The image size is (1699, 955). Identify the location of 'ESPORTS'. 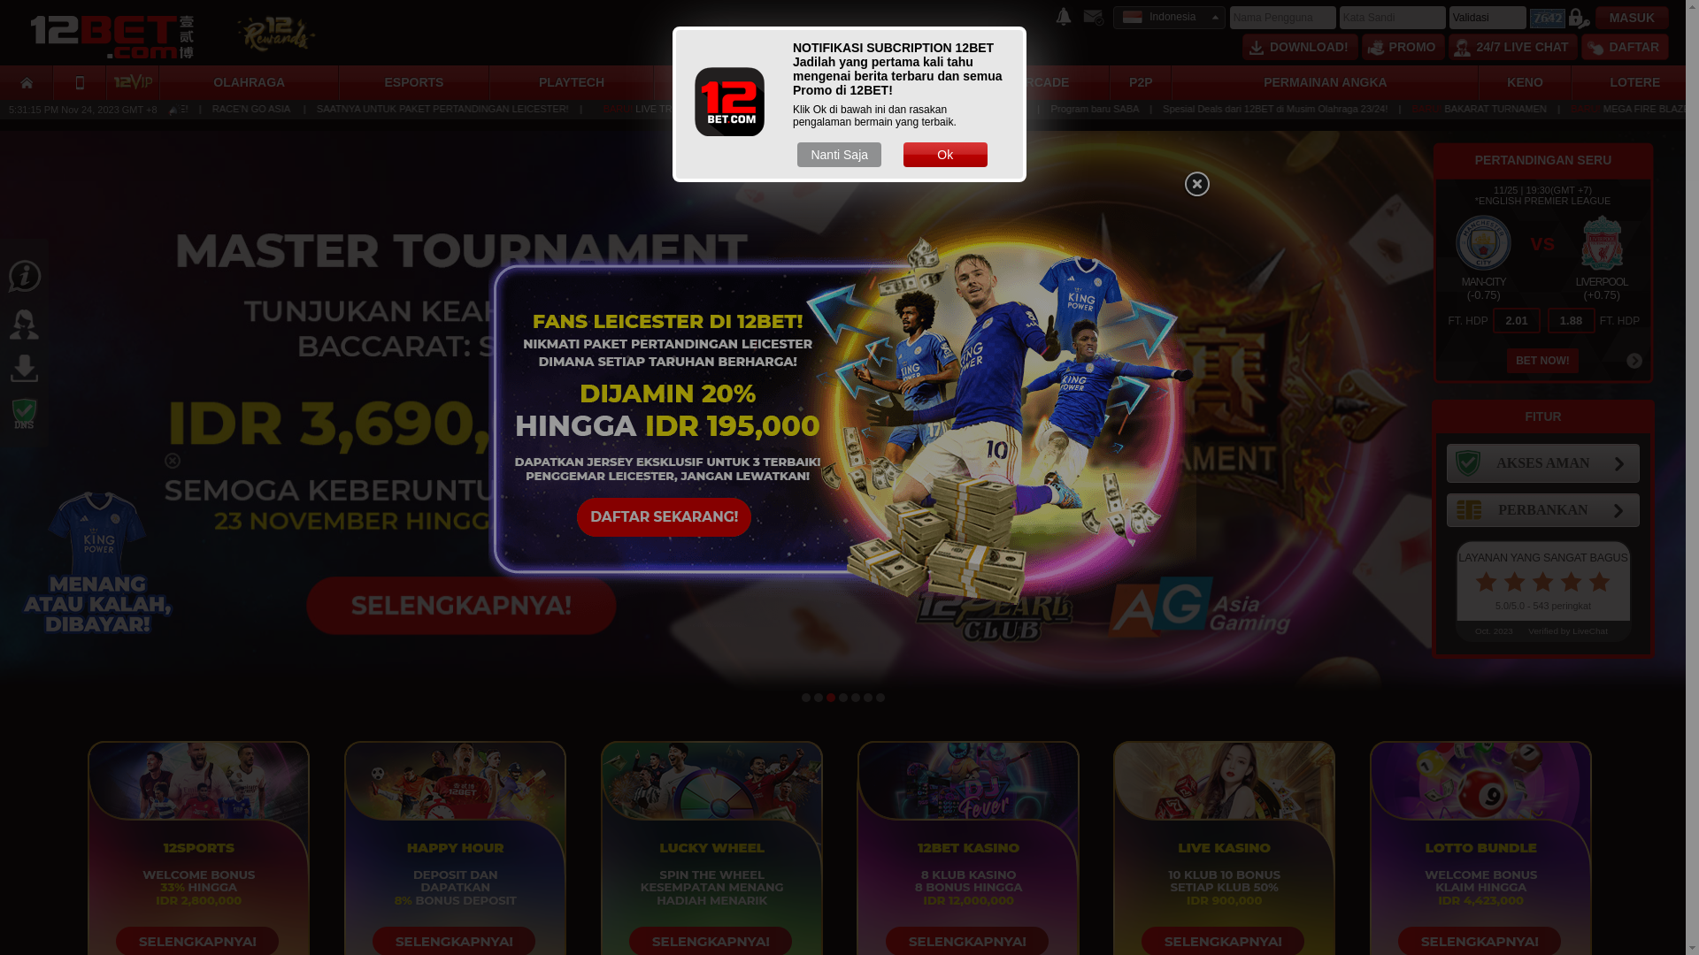
(412, 82).